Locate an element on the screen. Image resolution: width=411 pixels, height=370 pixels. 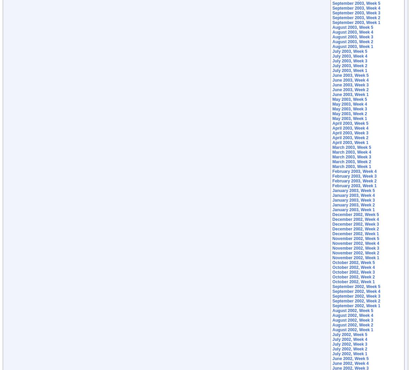
'August 2002, Week 3' is located at coordinates (352, 320).